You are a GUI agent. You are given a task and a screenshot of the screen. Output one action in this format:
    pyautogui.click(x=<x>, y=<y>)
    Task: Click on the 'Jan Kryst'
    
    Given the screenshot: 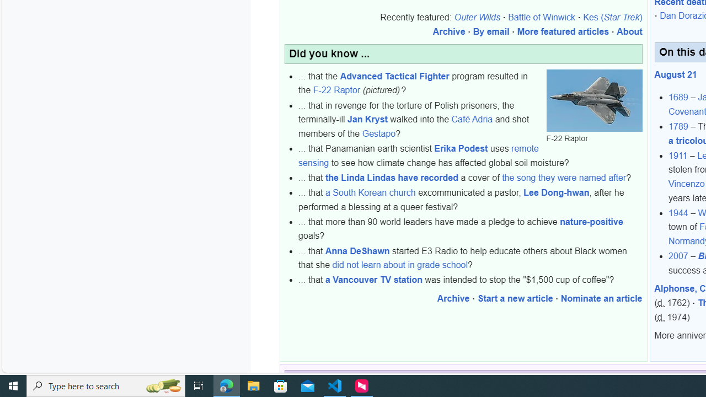 What is the action you would take?
    pyautogui.click(x=367, y=120)
    